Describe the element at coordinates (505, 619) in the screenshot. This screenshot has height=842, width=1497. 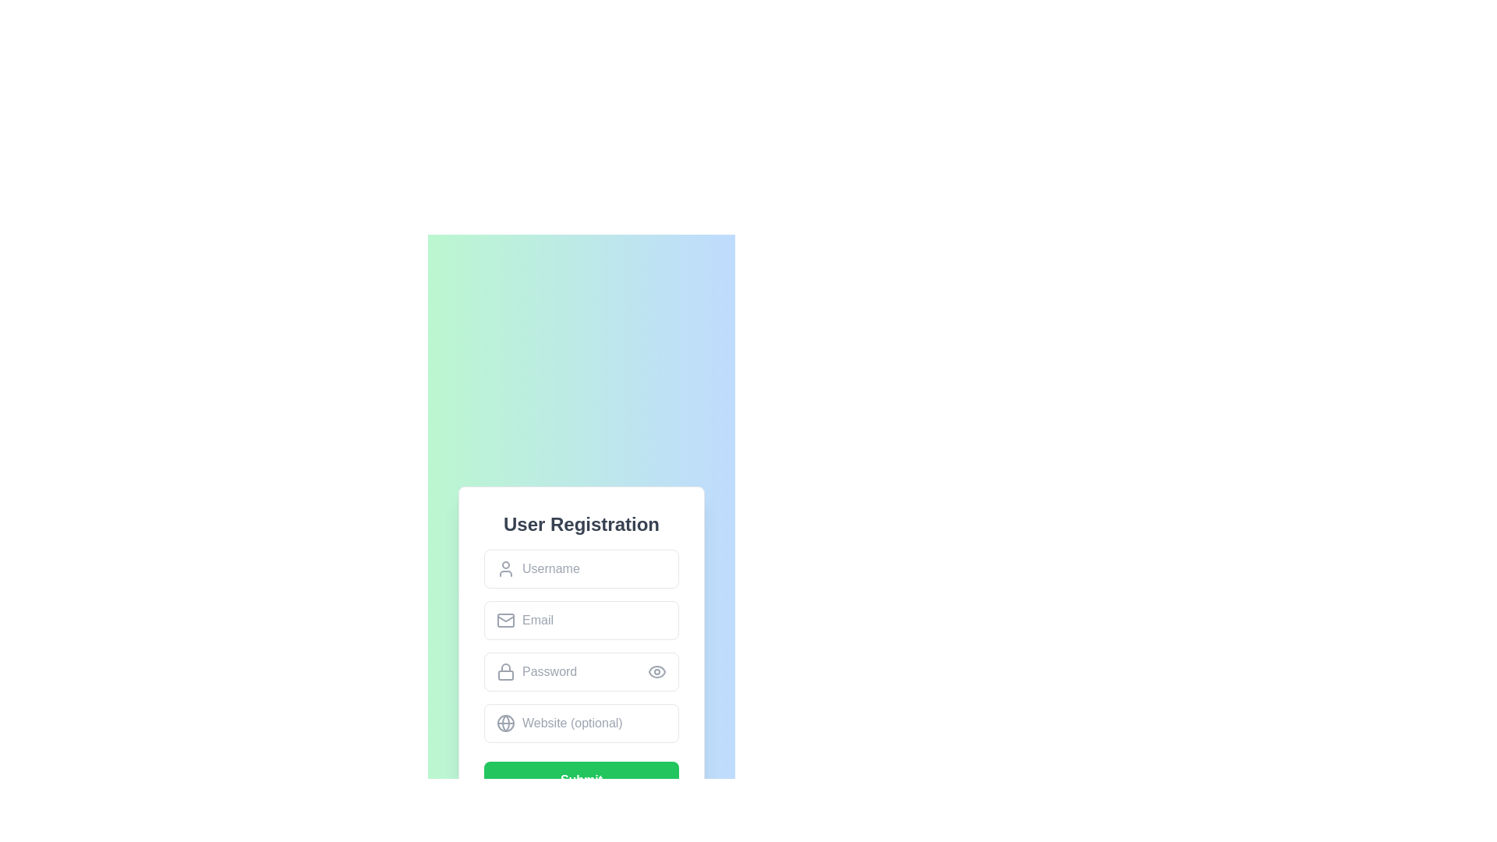
I see `the envelope icon which contains the main rectangular section with rounded corners` at that location.